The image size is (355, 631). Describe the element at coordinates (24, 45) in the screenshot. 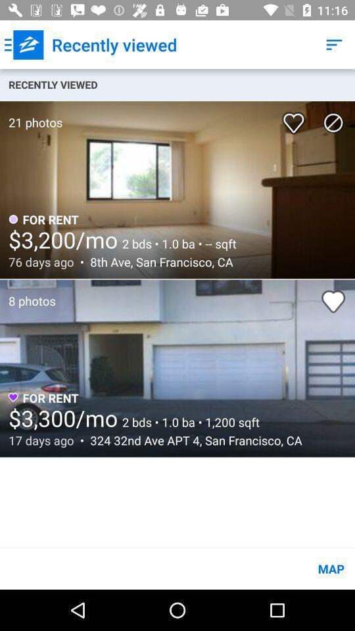

I see `the item above recently viewed icon` at that location.